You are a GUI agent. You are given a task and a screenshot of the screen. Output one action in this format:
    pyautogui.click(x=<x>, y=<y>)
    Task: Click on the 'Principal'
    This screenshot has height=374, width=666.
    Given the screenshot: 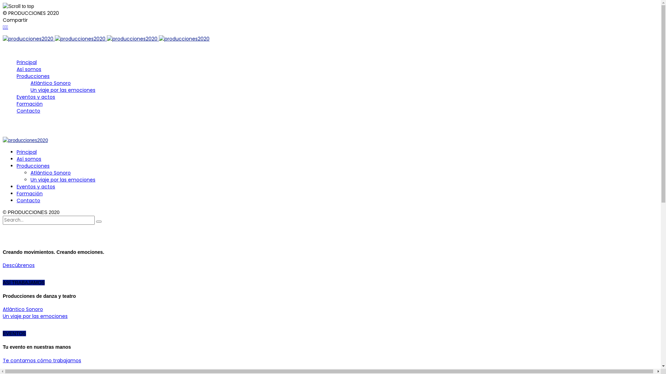 What is the action you would take?
    pyautogui.click(x=26, y=152)
    